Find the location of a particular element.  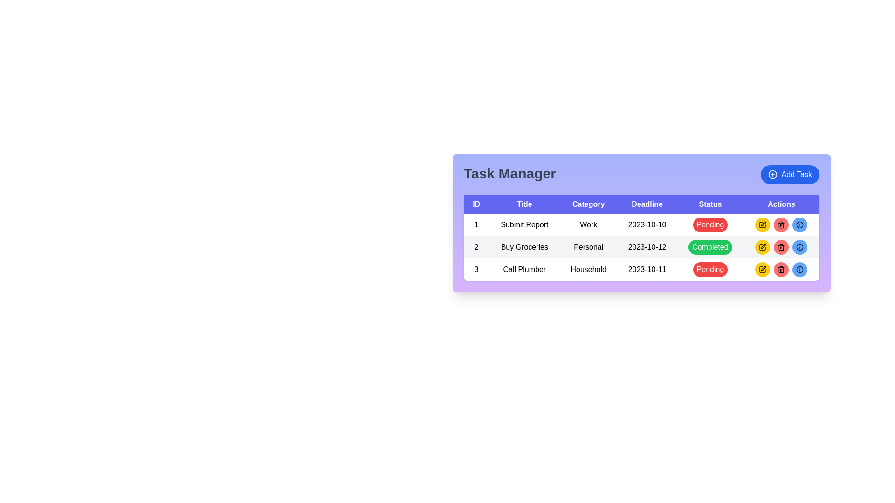

the text label displaying 'Work' in the third column of the task management interface, which is part of the first data row for the task titled 'Submit Report' is located at coordinates (588, 224).